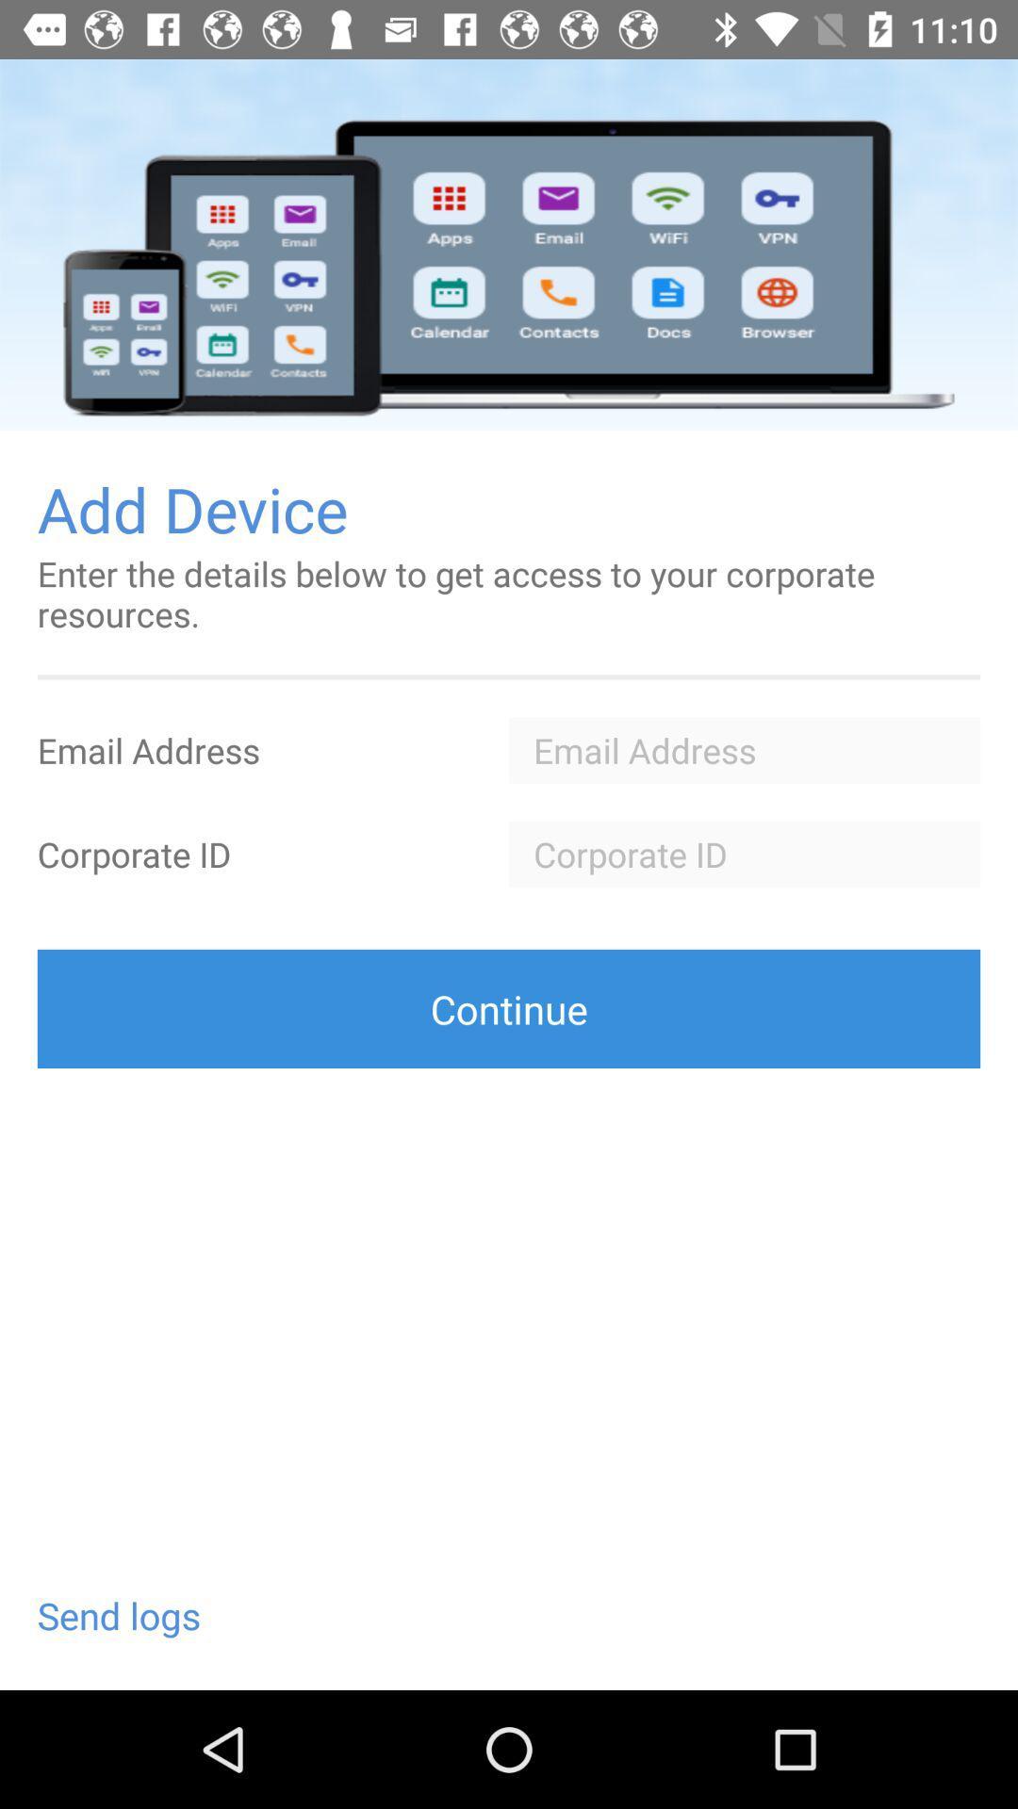 This screenshot has height=1809, width=1018. Describe the element at coordinates (744, 853) in the screenshot. I see `information` at that location.